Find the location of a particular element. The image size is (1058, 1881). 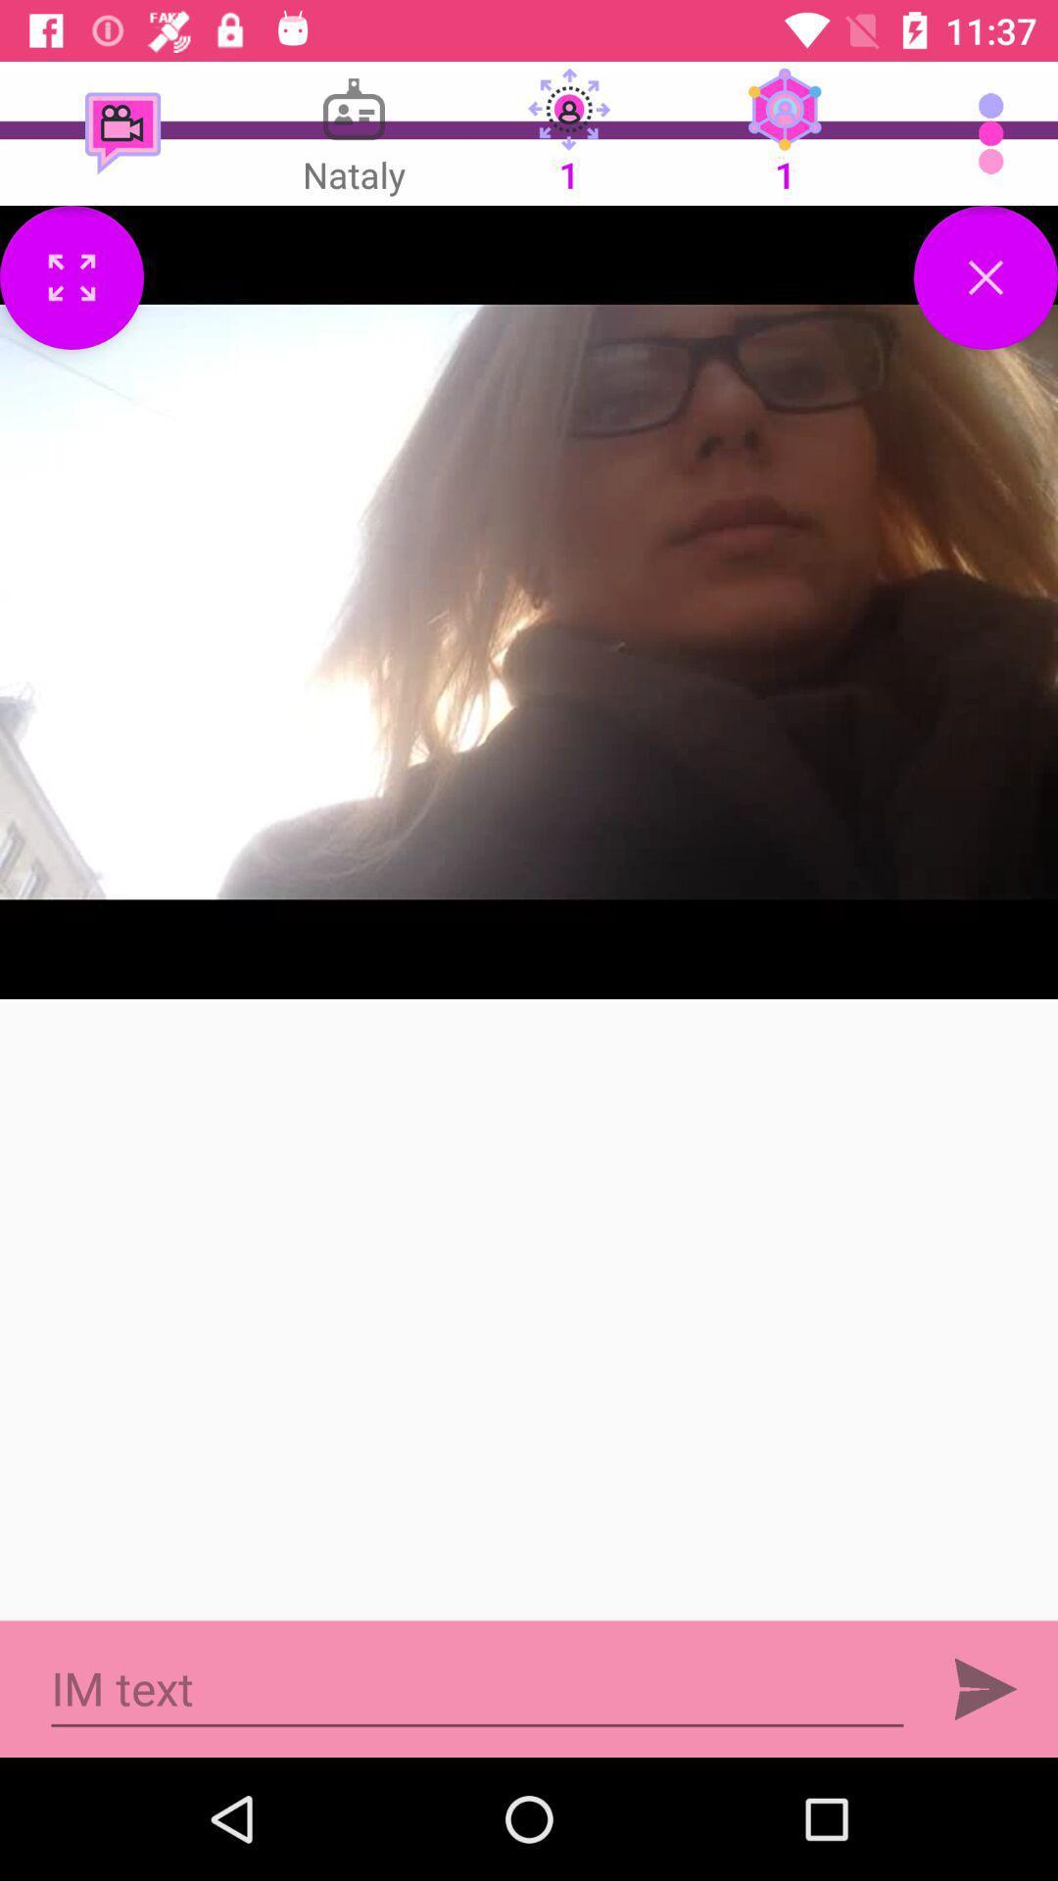

maximize picture is located at coordinates (71, 276).